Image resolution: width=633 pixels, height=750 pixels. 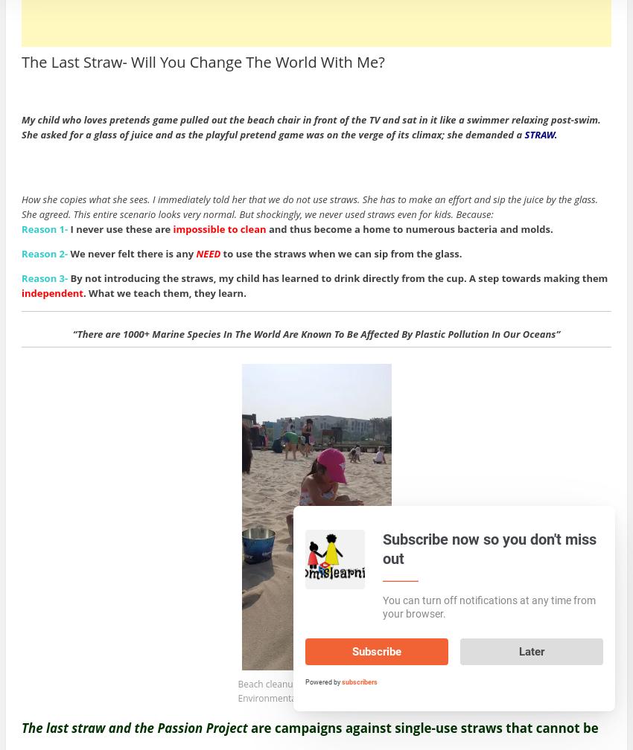 What do you see at coordinates (316, 333) in the screenshot?
I see `'“There are 1000+ Marine Species In The World Are Known To Be Affected By Plastic Pollution In Our Oceans”'` at bounding box center [316, 333].